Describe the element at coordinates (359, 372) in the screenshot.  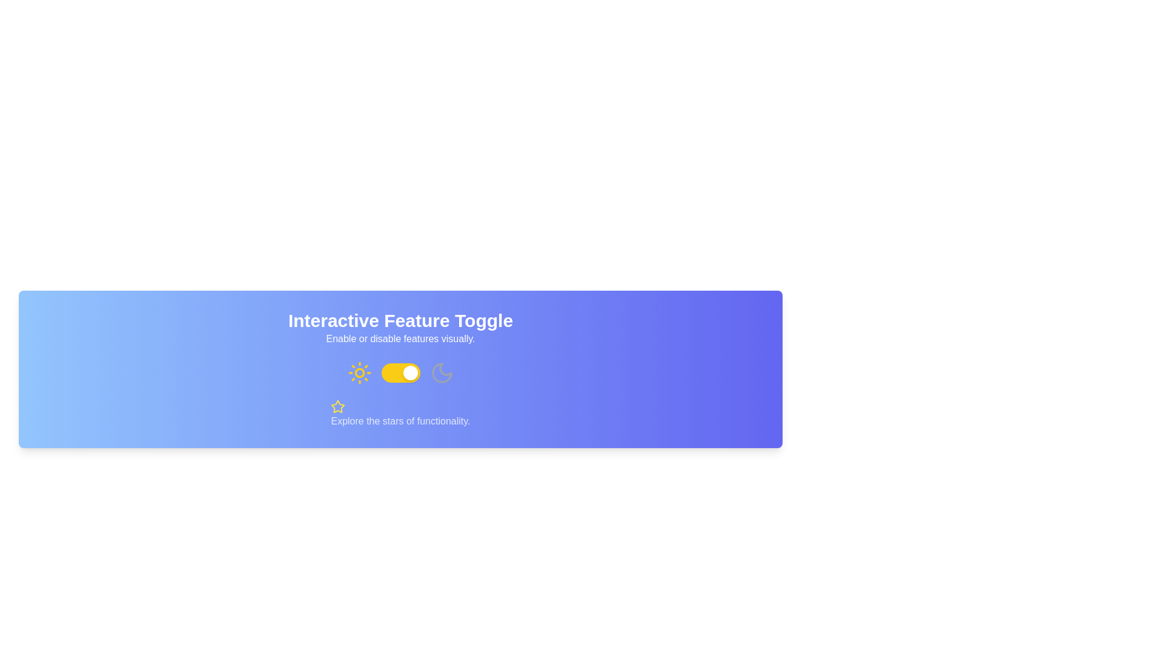
I see `the central circle of the sun icon, which is part of the sun toggle interface` at that location.